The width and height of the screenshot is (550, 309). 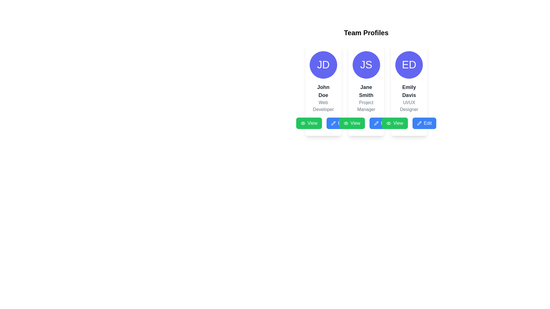 I want to click on the 'View' button in the button group located in the lower section of the card associated with Emily Davis, the UI/UX Designer, so click(x=409, y=123).